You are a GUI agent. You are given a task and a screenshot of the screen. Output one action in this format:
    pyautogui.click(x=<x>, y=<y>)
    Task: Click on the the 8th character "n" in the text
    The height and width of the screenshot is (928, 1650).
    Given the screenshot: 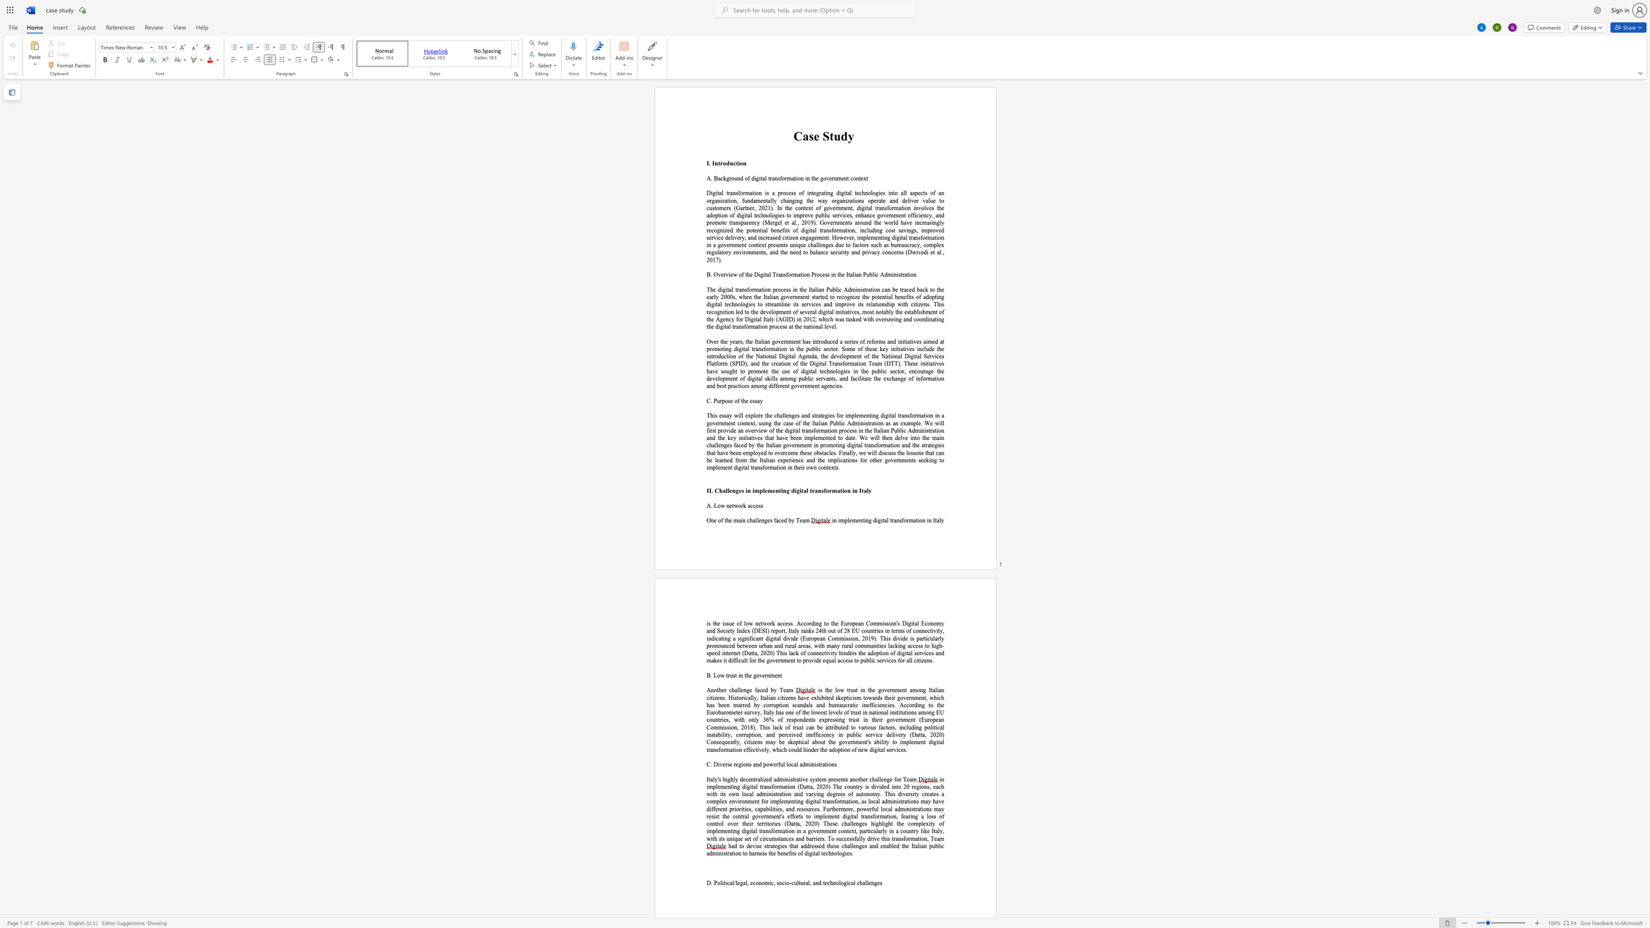 What is the action you would take?
    pyautogui.click(x=792, y=697)
    